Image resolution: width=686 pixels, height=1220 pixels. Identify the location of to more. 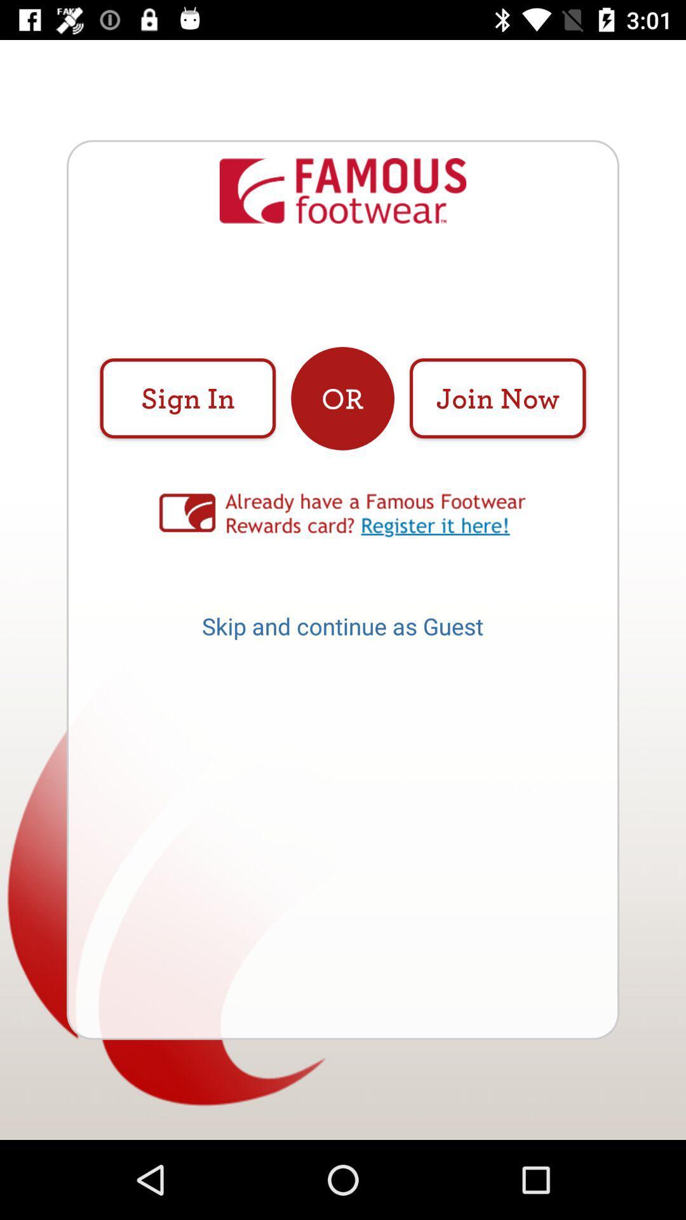
(343, 515).